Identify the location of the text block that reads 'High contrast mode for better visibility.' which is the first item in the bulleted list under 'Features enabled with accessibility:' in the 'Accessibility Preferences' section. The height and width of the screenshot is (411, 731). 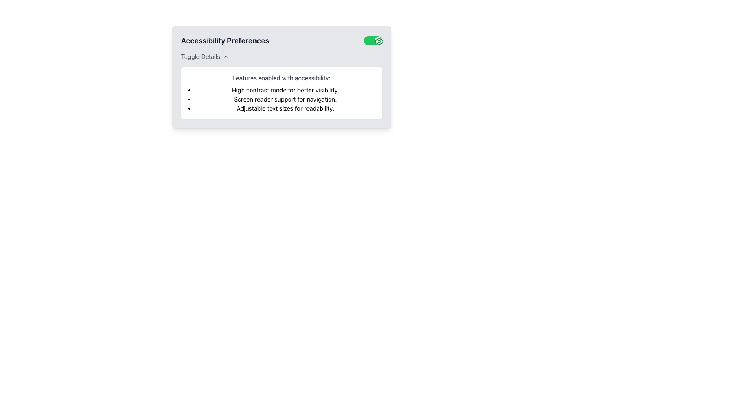
(285, 89).